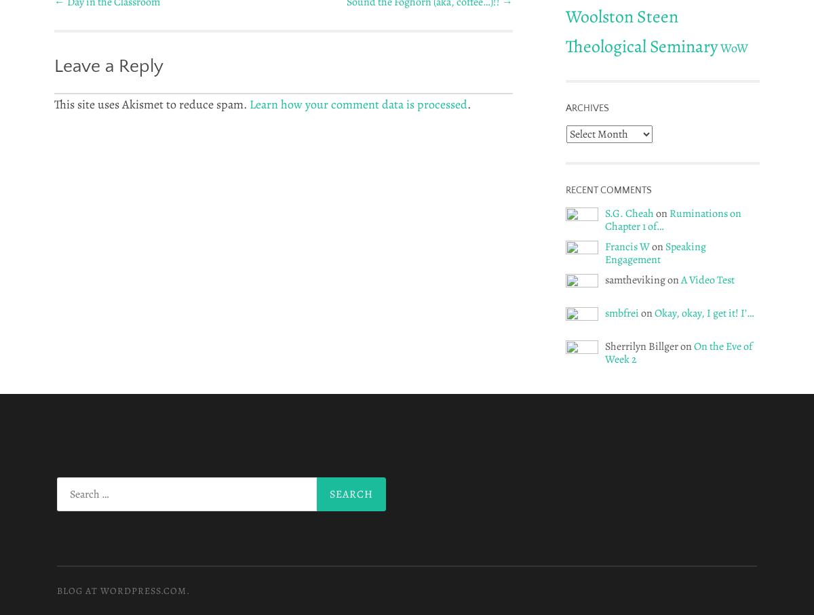 Image resolution: width=814 pixels, height=615 pixels. Describe the element at coordinates (704, 313) in the screenshot. I see `'Okay, okay, I get it! I’…'` at that location.